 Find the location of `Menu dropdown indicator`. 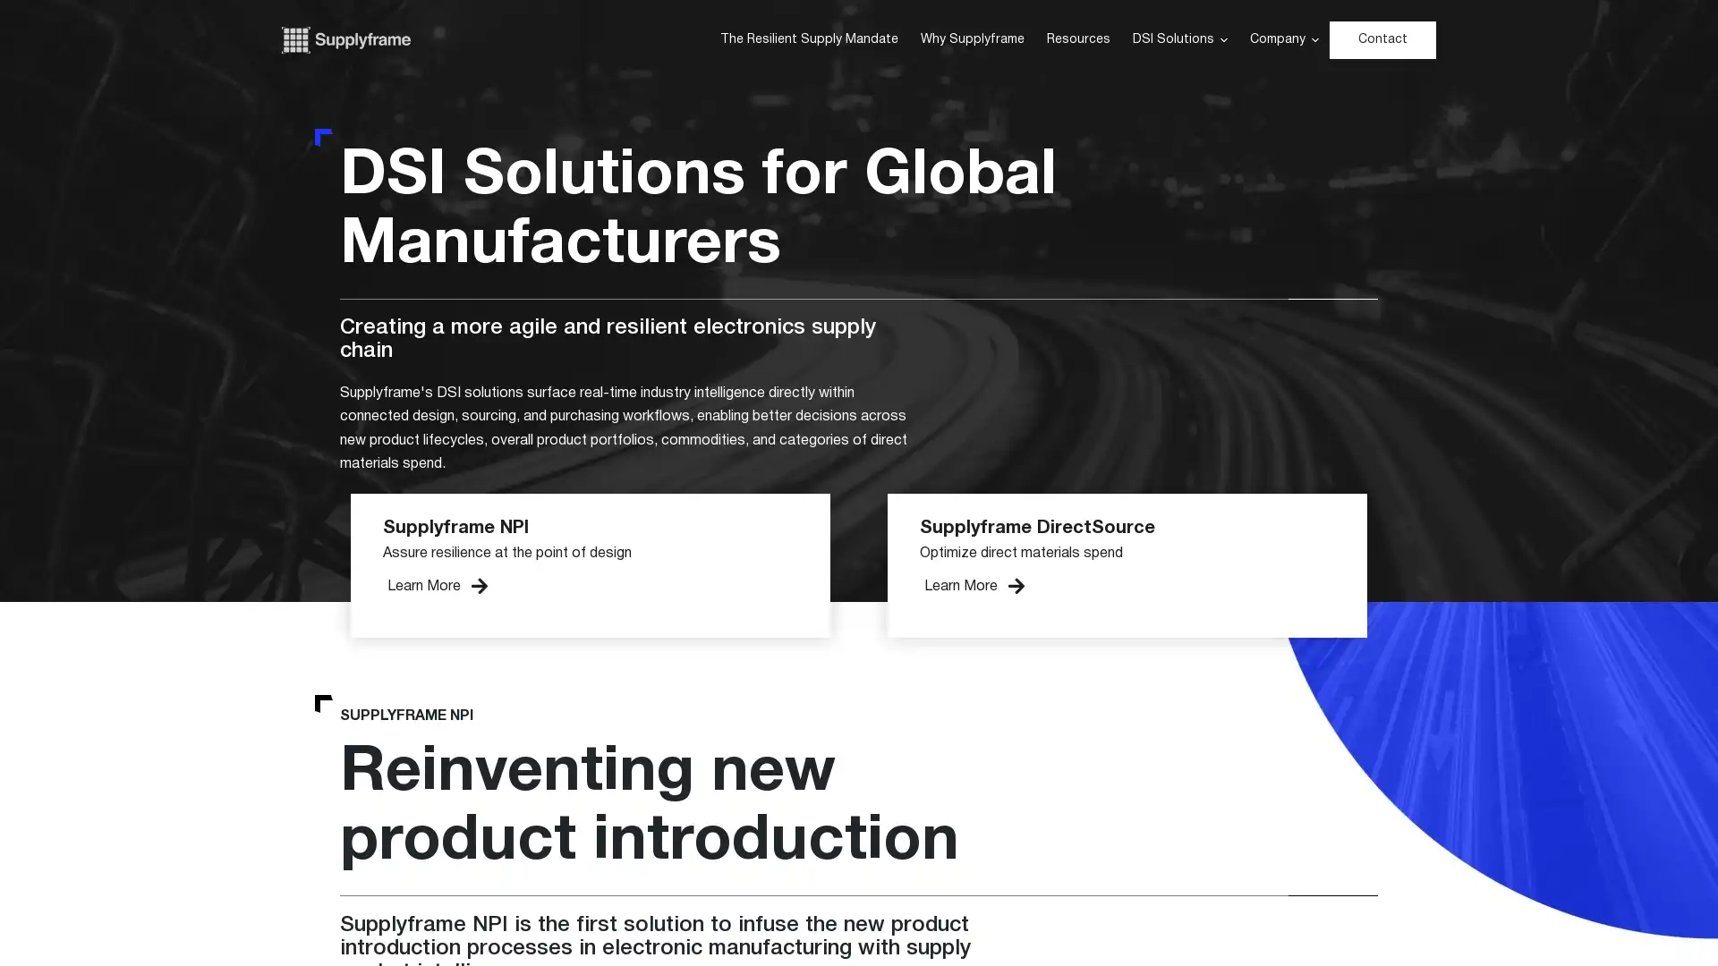

Menu dropdown indicator is located at coordinates (1222, 40).